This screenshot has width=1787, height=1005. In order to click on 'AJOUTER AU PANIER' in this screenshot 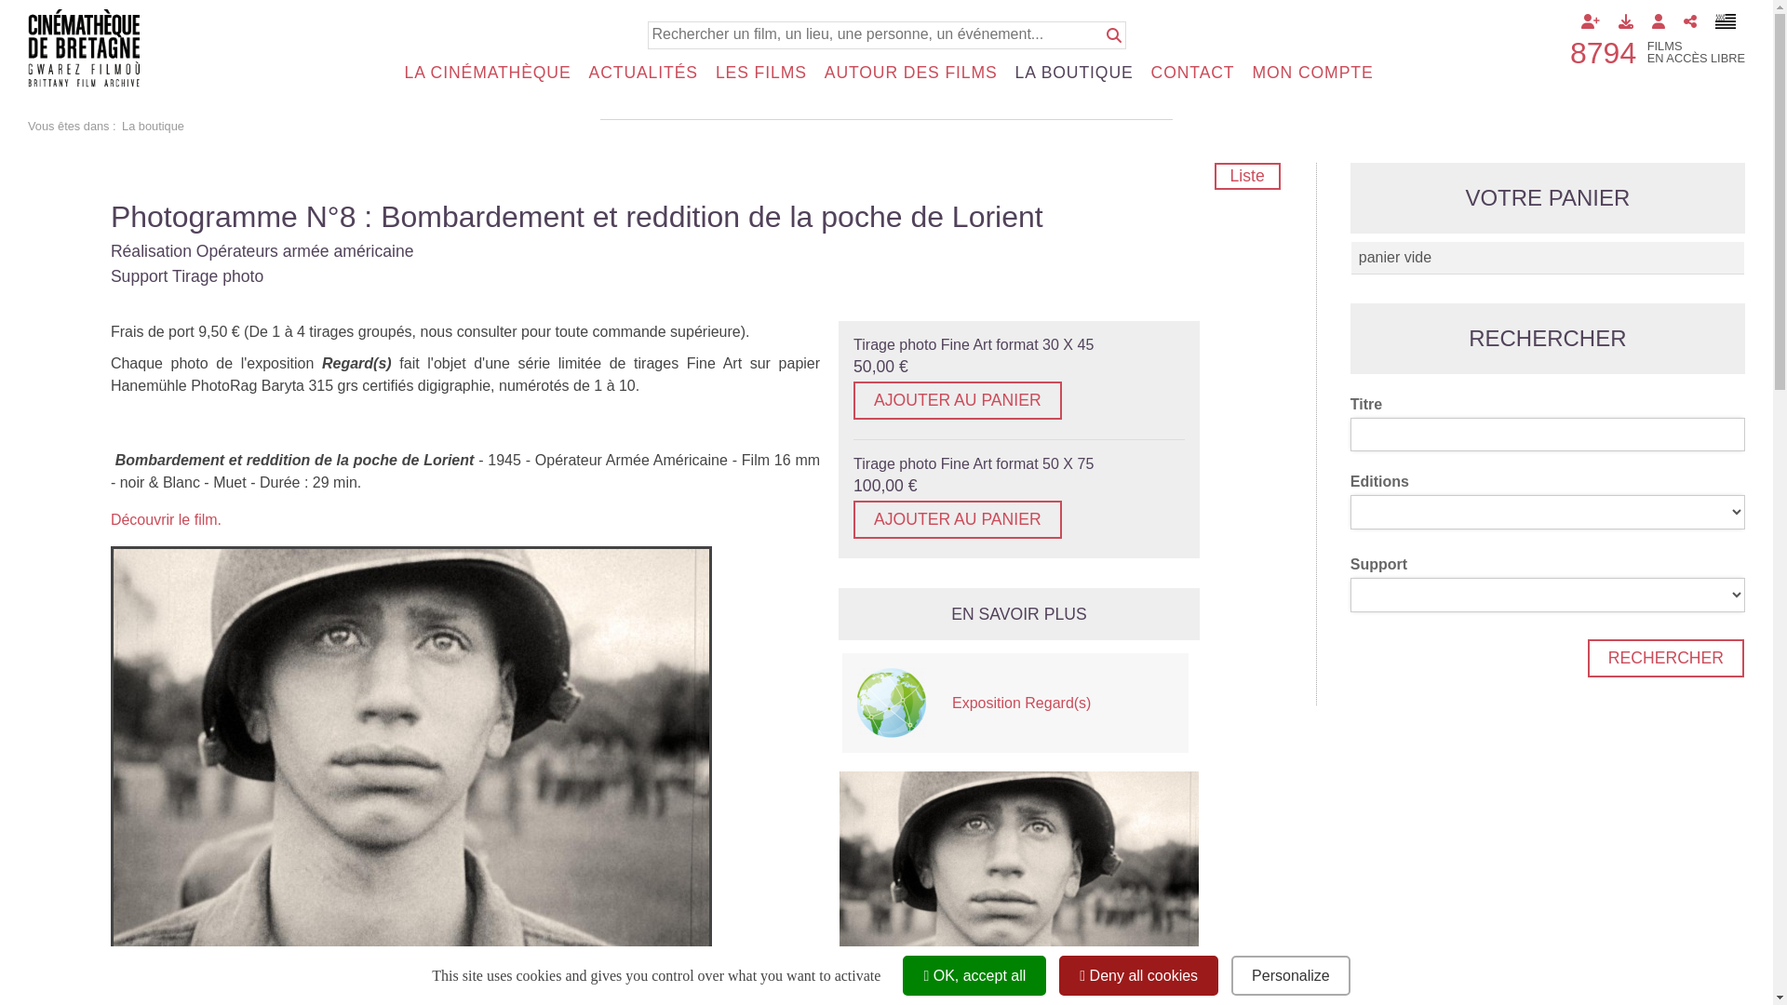, I will do `click(957, 399)`.